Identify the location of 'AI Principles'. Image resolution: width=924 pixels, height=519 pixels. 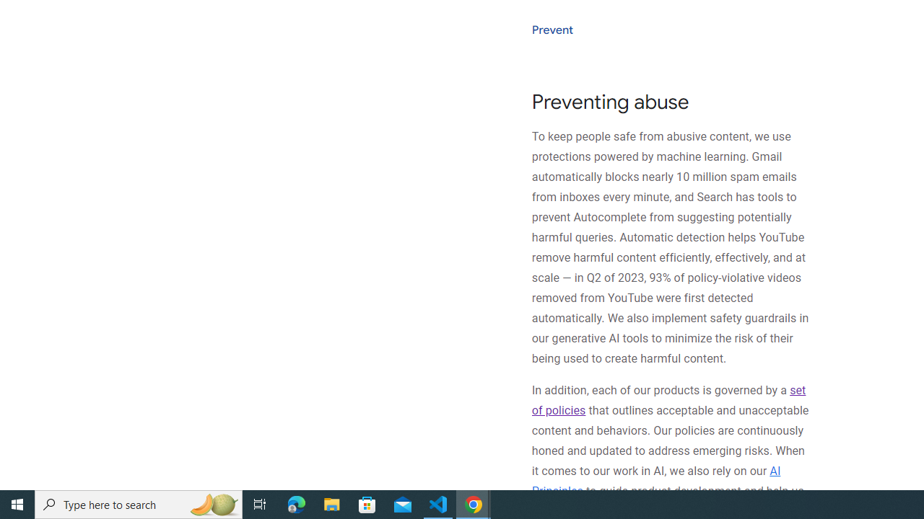
(655, 481).